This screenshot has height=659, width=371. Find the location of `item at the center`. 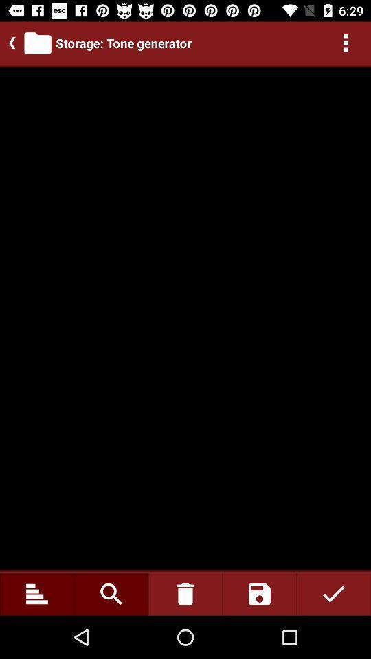

item at the center is located at coordinates (185, 319).